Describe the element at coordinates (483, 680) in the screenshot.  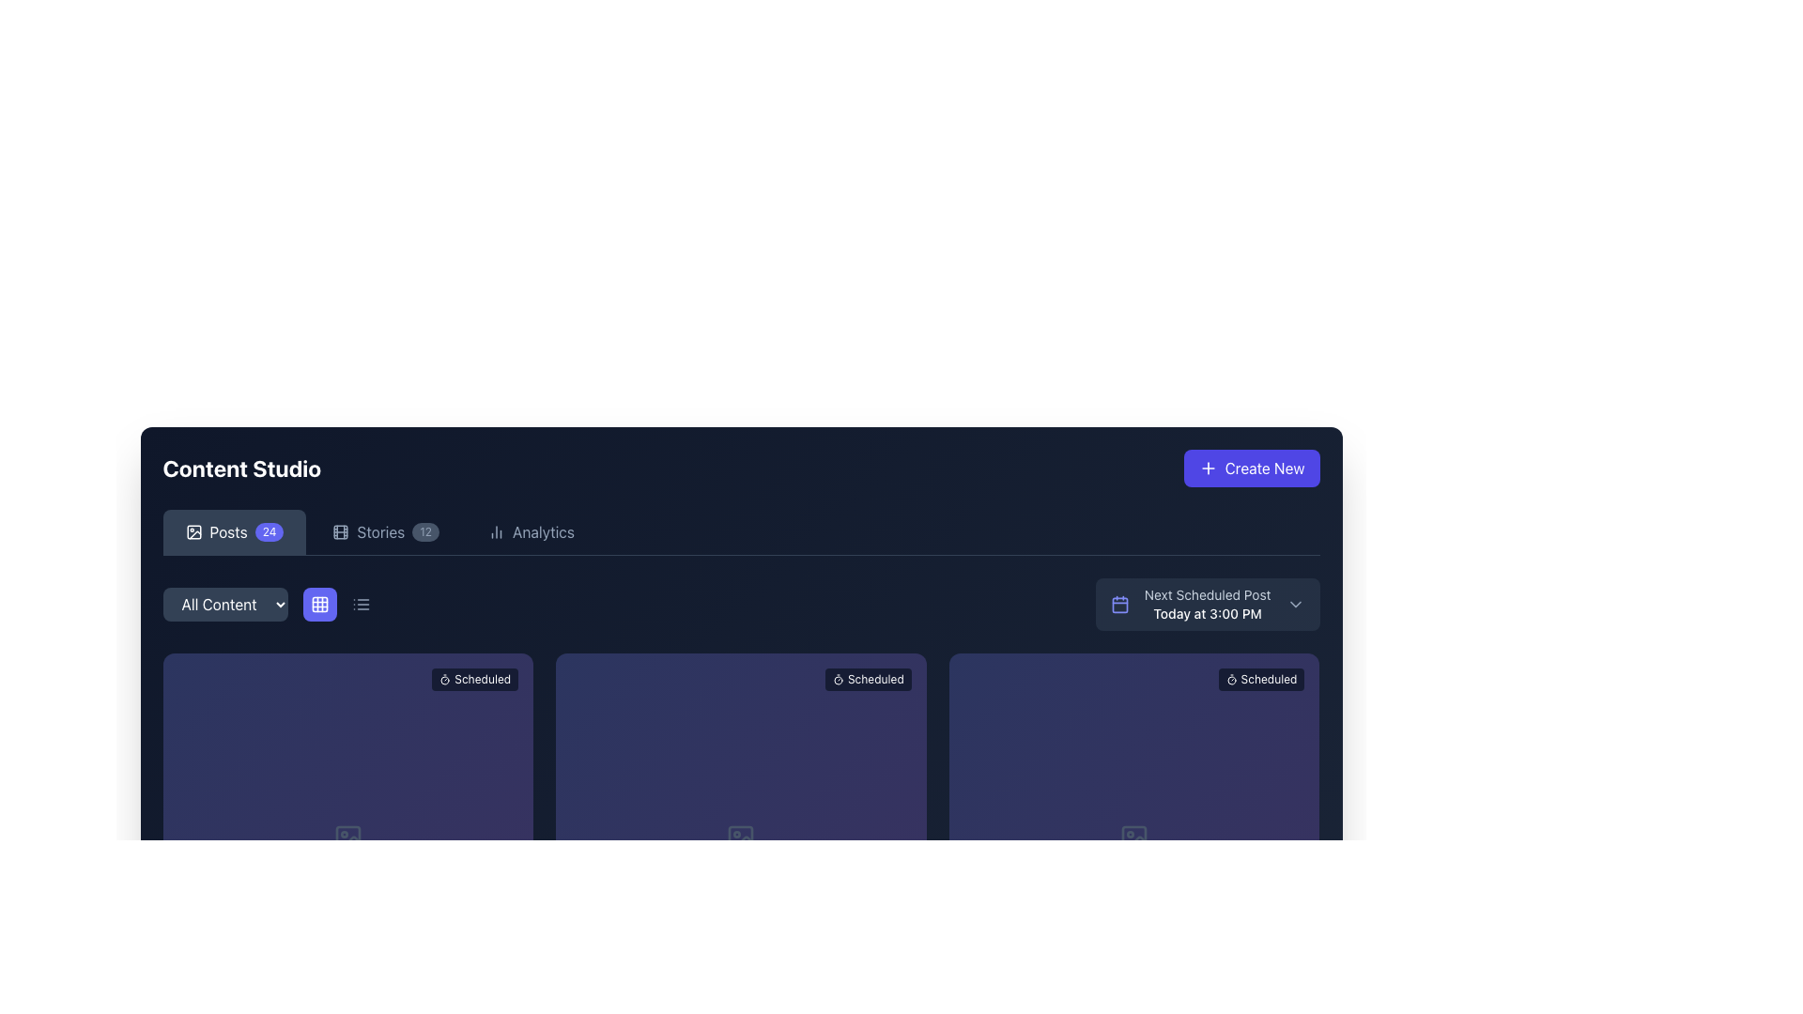
I see `text label indicating the scheduling status of the related content card located in the upper-right corner of the content card in the second column of the grid` at that location.